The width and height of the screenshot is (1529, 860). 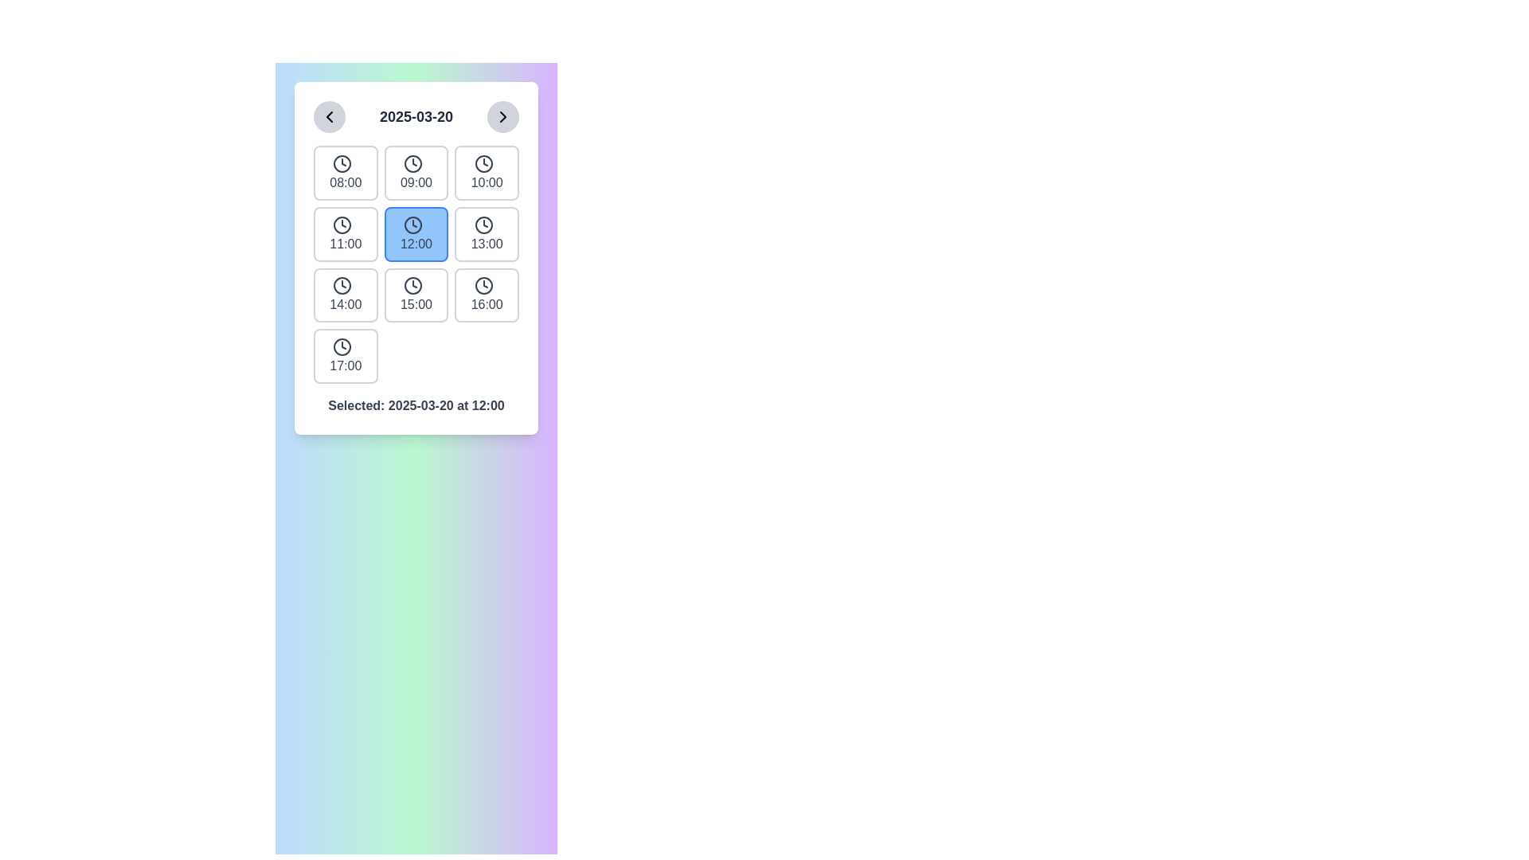 I want to click on the SVG clock icon located in the center panel of the schedule interface, next to the text '12:00', so click(x=413, y=225).